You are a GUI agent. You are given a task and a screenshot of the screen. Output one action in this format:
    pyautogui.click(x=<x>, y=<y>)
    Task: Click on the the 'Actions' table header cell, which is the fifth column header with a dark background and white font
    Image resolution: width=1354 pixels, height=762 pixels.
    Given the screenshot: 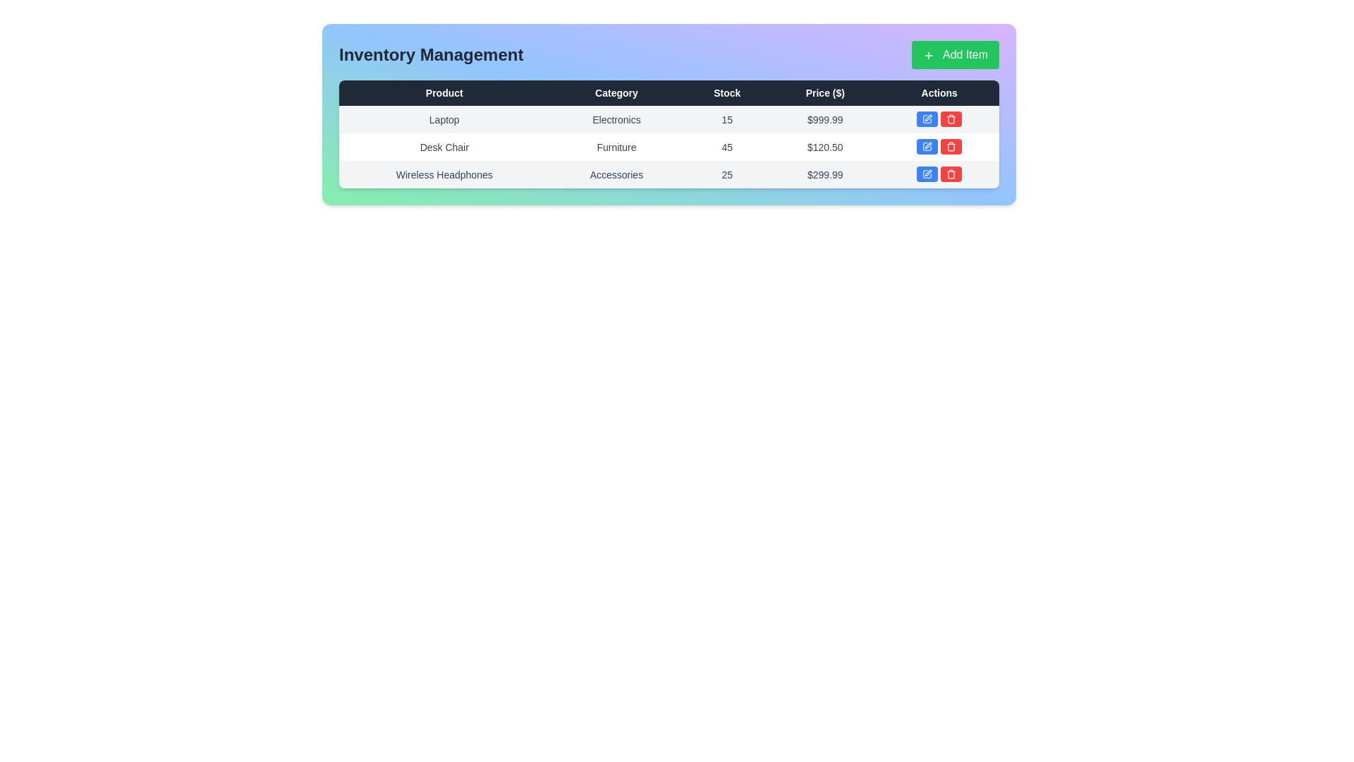 What is the action you would take?
    pyautogui.click(x=939, y=92)
    